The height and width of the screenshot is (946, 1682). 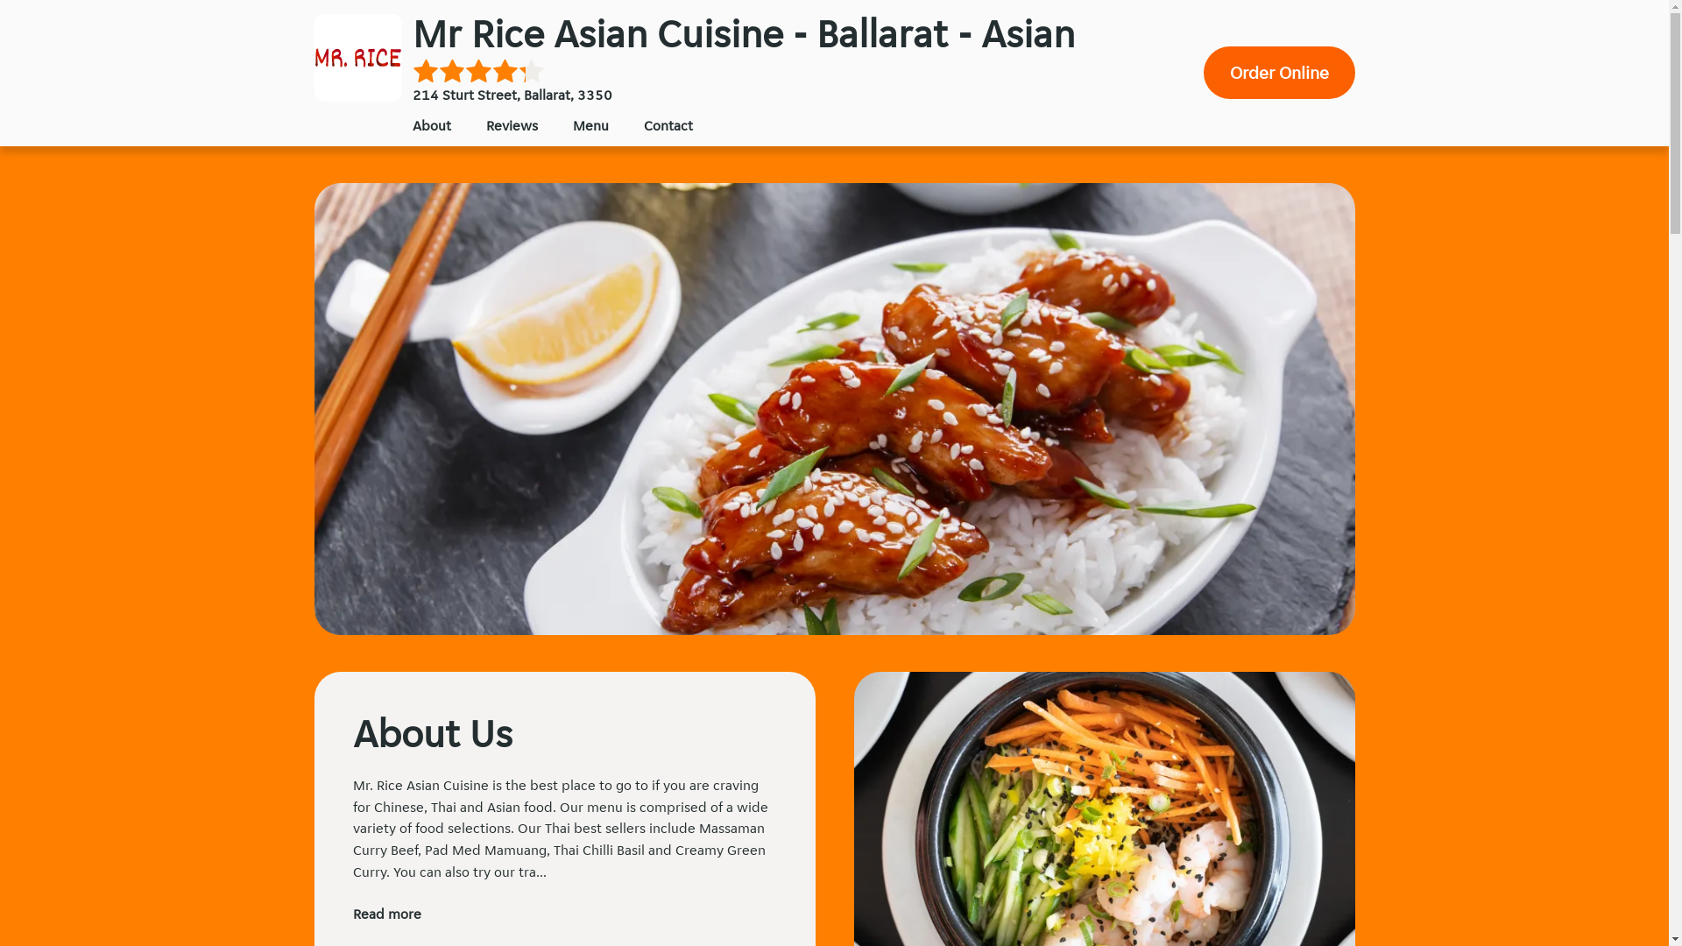 What do you see at coordinates (510, 124) in the screenshot?
I see `'Reviews'` at bounding box center [510, 124].